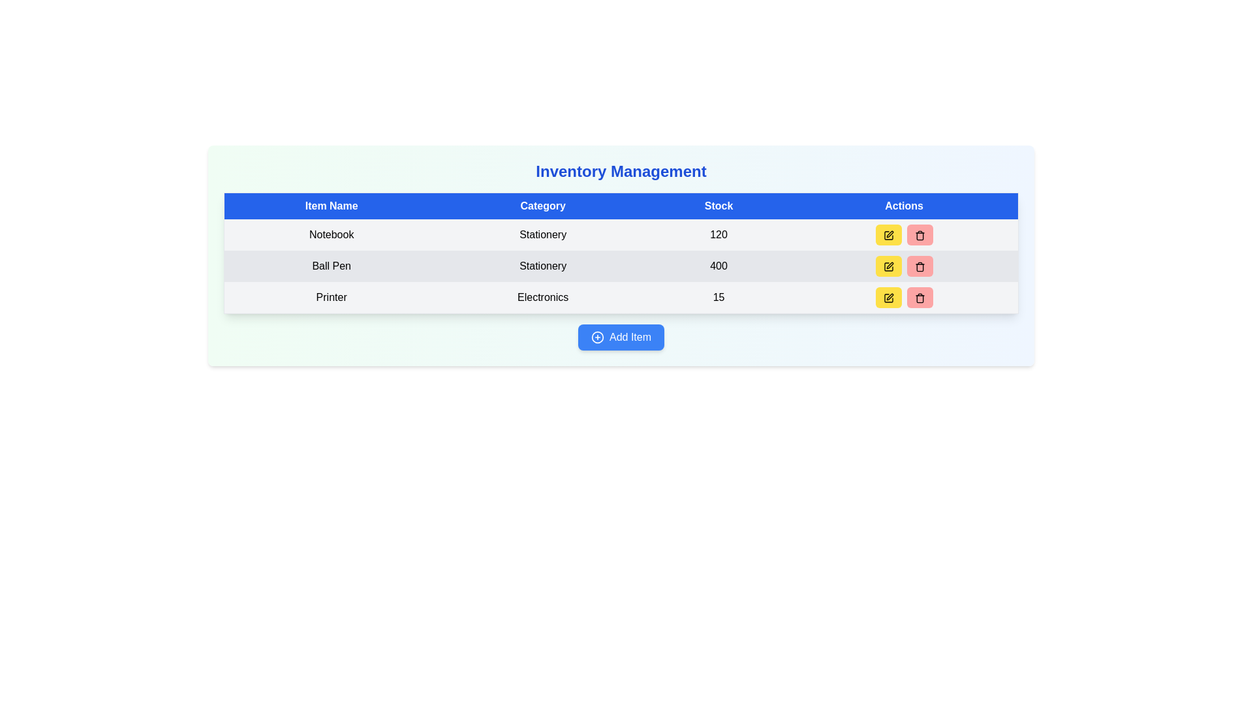 The height and width of the screenshot is (705, 1253). I want to click on the trash icon button located in the third row of the table under the 'Actions' column to possibly see a tooltip, so click(919, 266).